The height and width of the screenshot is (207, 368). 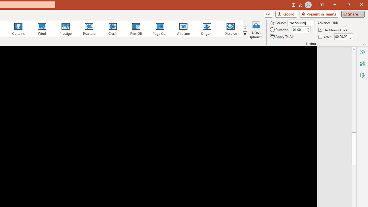 What do you see at coordinates (207, 29) in the screenshot?
I see `'Origami'` at bounding box center [207, 29].